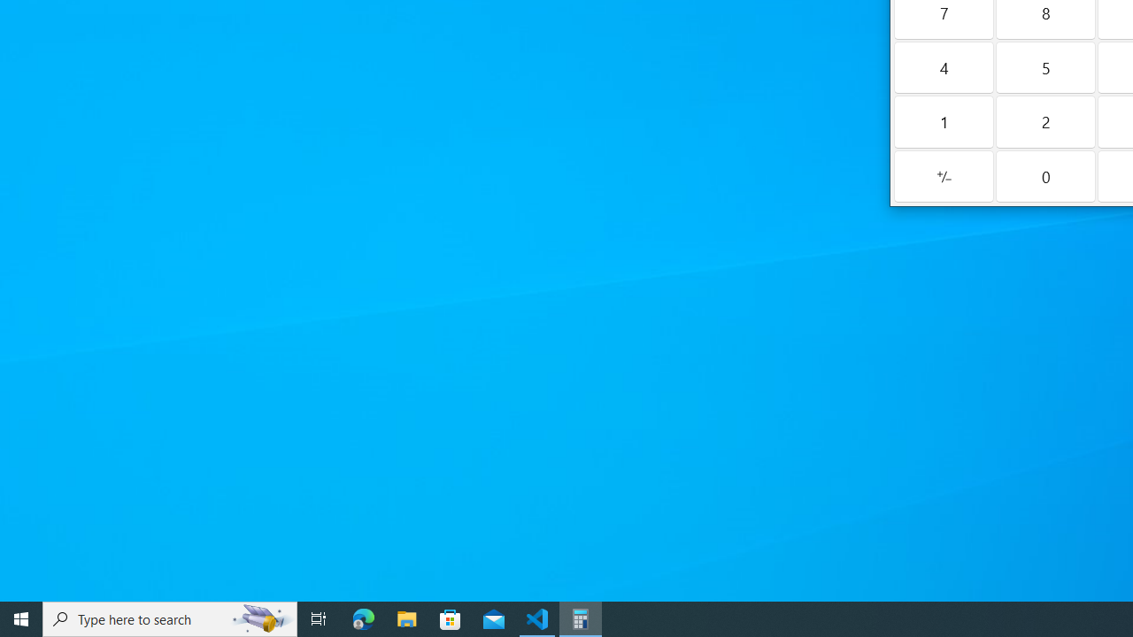  Describe the element at coordinates (1045, 120) in the screenshot. I see `'Two'` at that location.